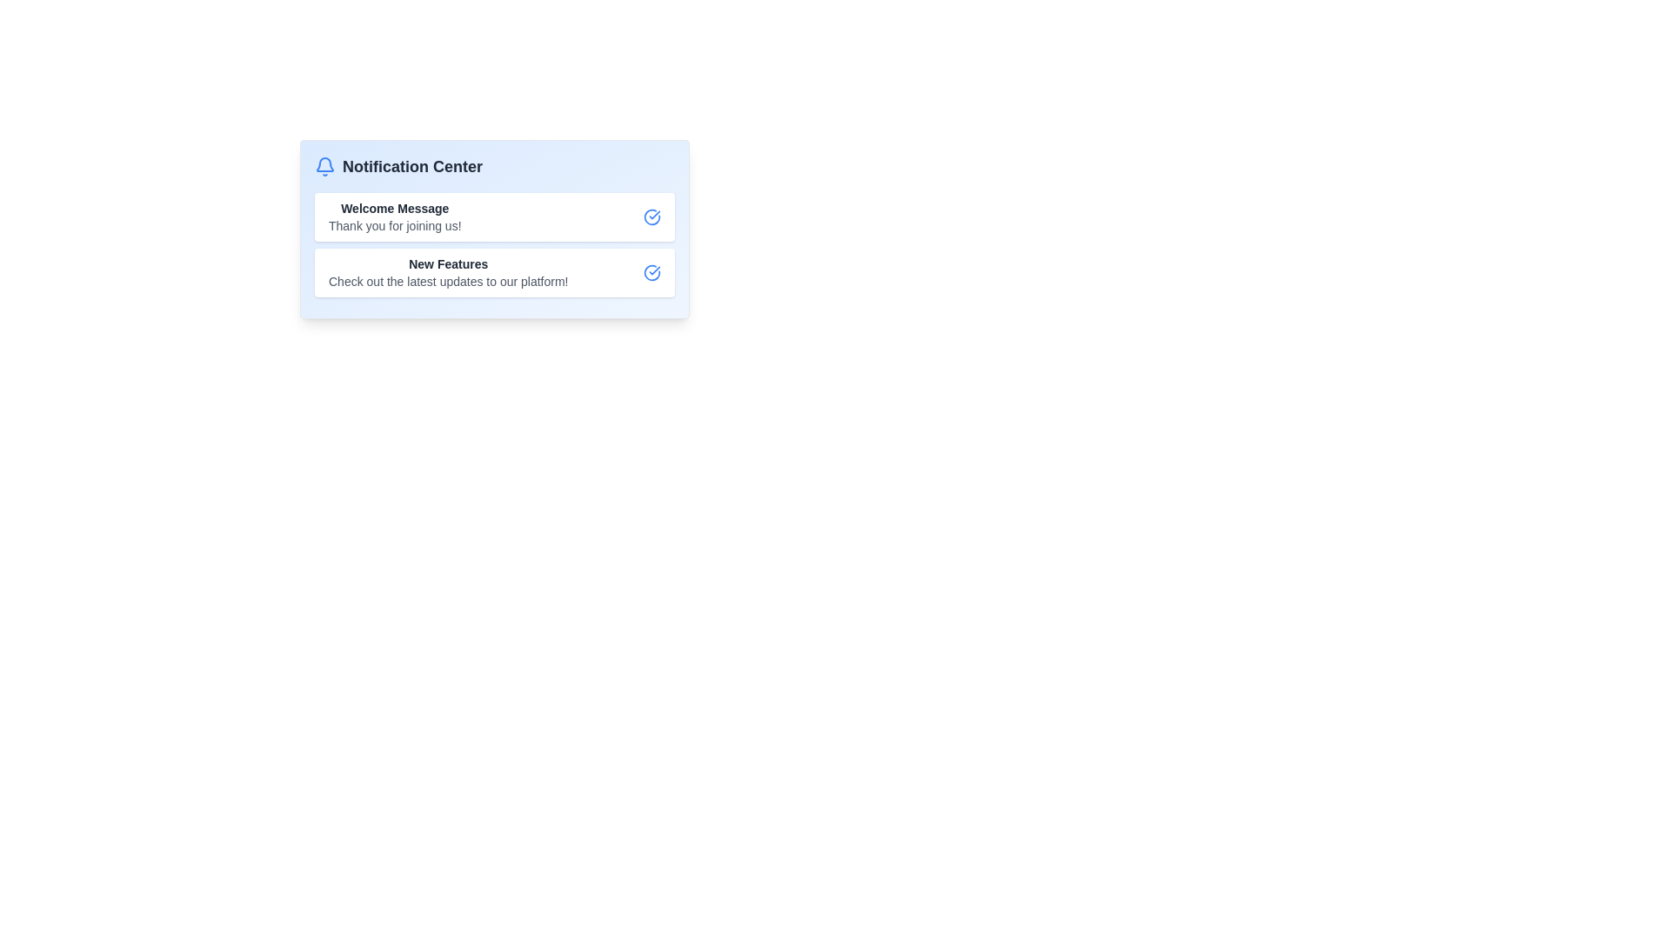  What do you see at coordinates (411, 167) in the screenshot?
I see `the text label displaying the title 'Notification Center', which is prominently positioned in the notification area with a light blue background` at bounding box center [411, 167].